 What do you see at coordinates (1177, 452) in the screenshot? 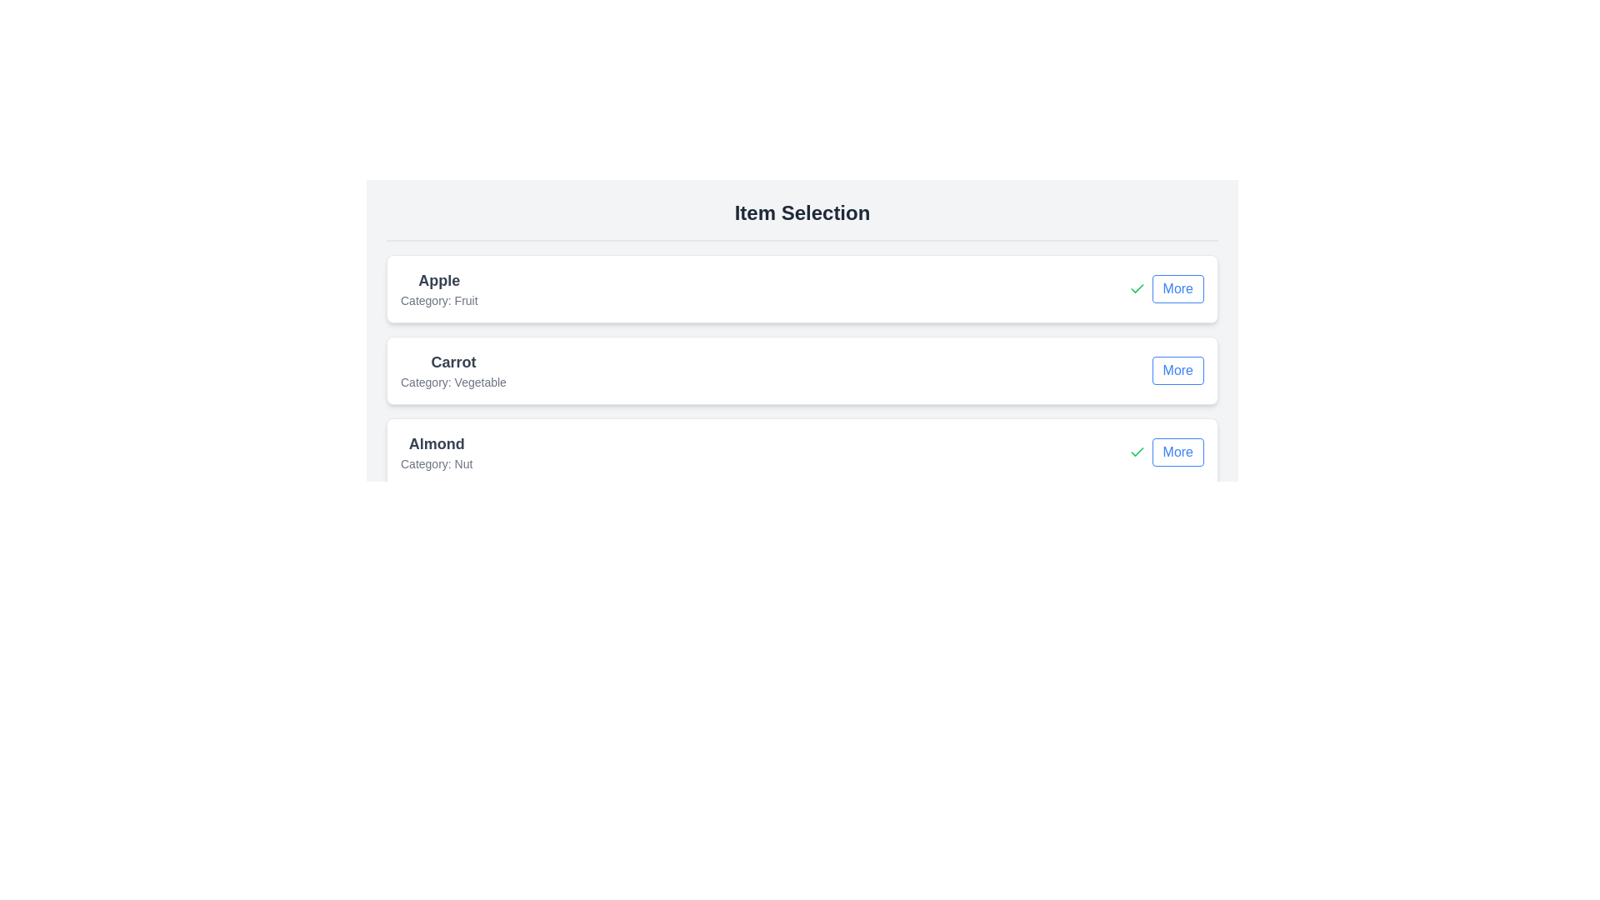
I see `the 'More' button with blue border and text` at bounding box center [1177, 452].